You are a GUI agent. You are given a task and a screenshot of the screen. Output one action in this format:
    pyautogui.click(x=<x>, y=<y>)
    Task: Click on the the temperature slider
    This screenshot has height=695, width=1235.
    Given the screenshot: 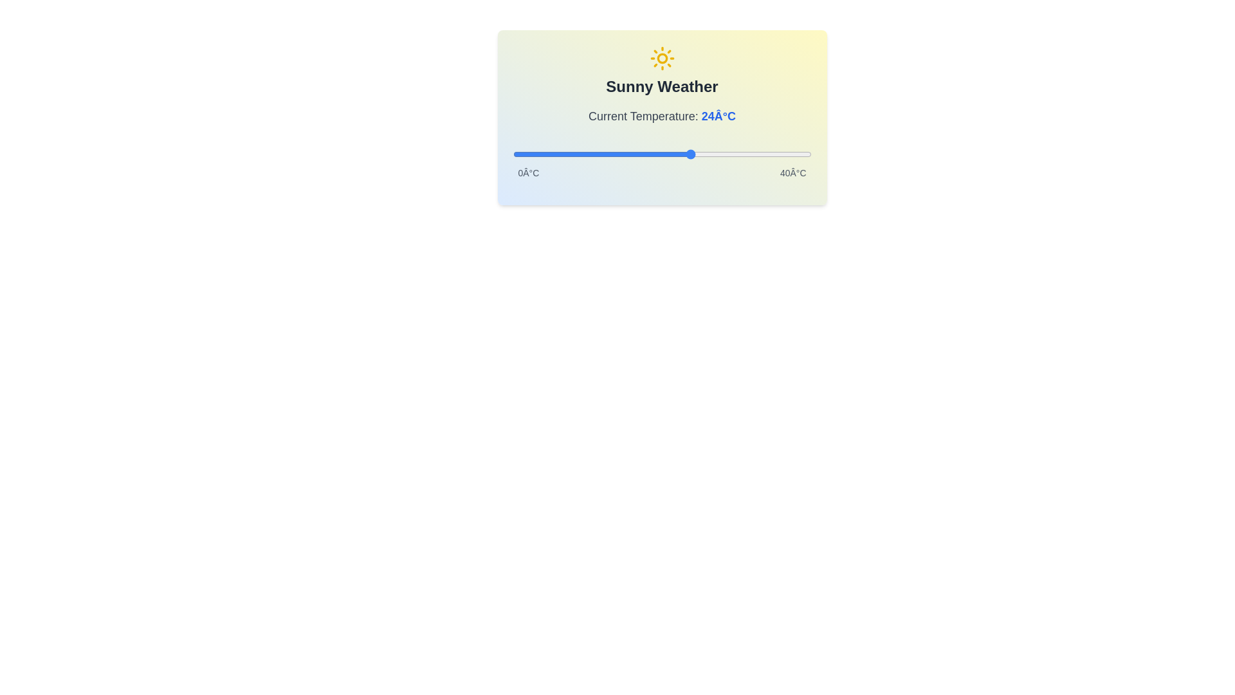 What is the action you would take?
    pyautogui.click(x=601, y=153)
    